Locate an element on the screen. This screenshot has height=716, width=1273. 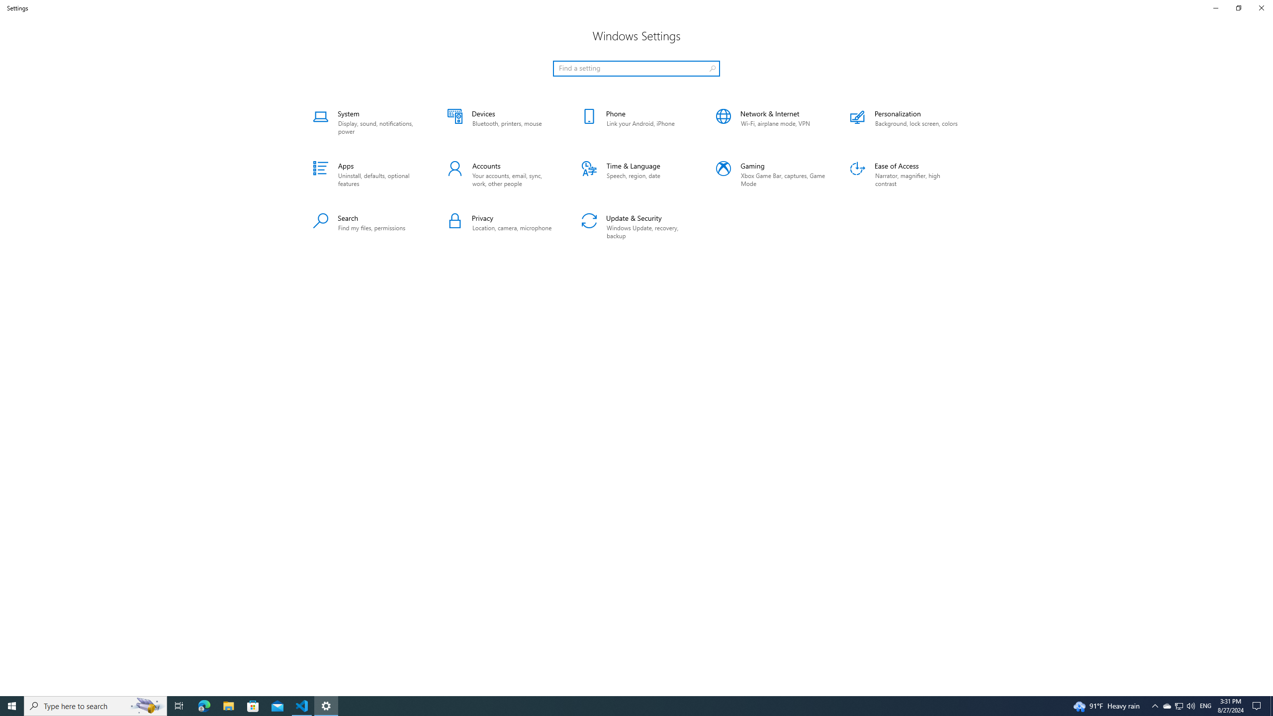
'Personalization' is located at coordinates (905, 122).